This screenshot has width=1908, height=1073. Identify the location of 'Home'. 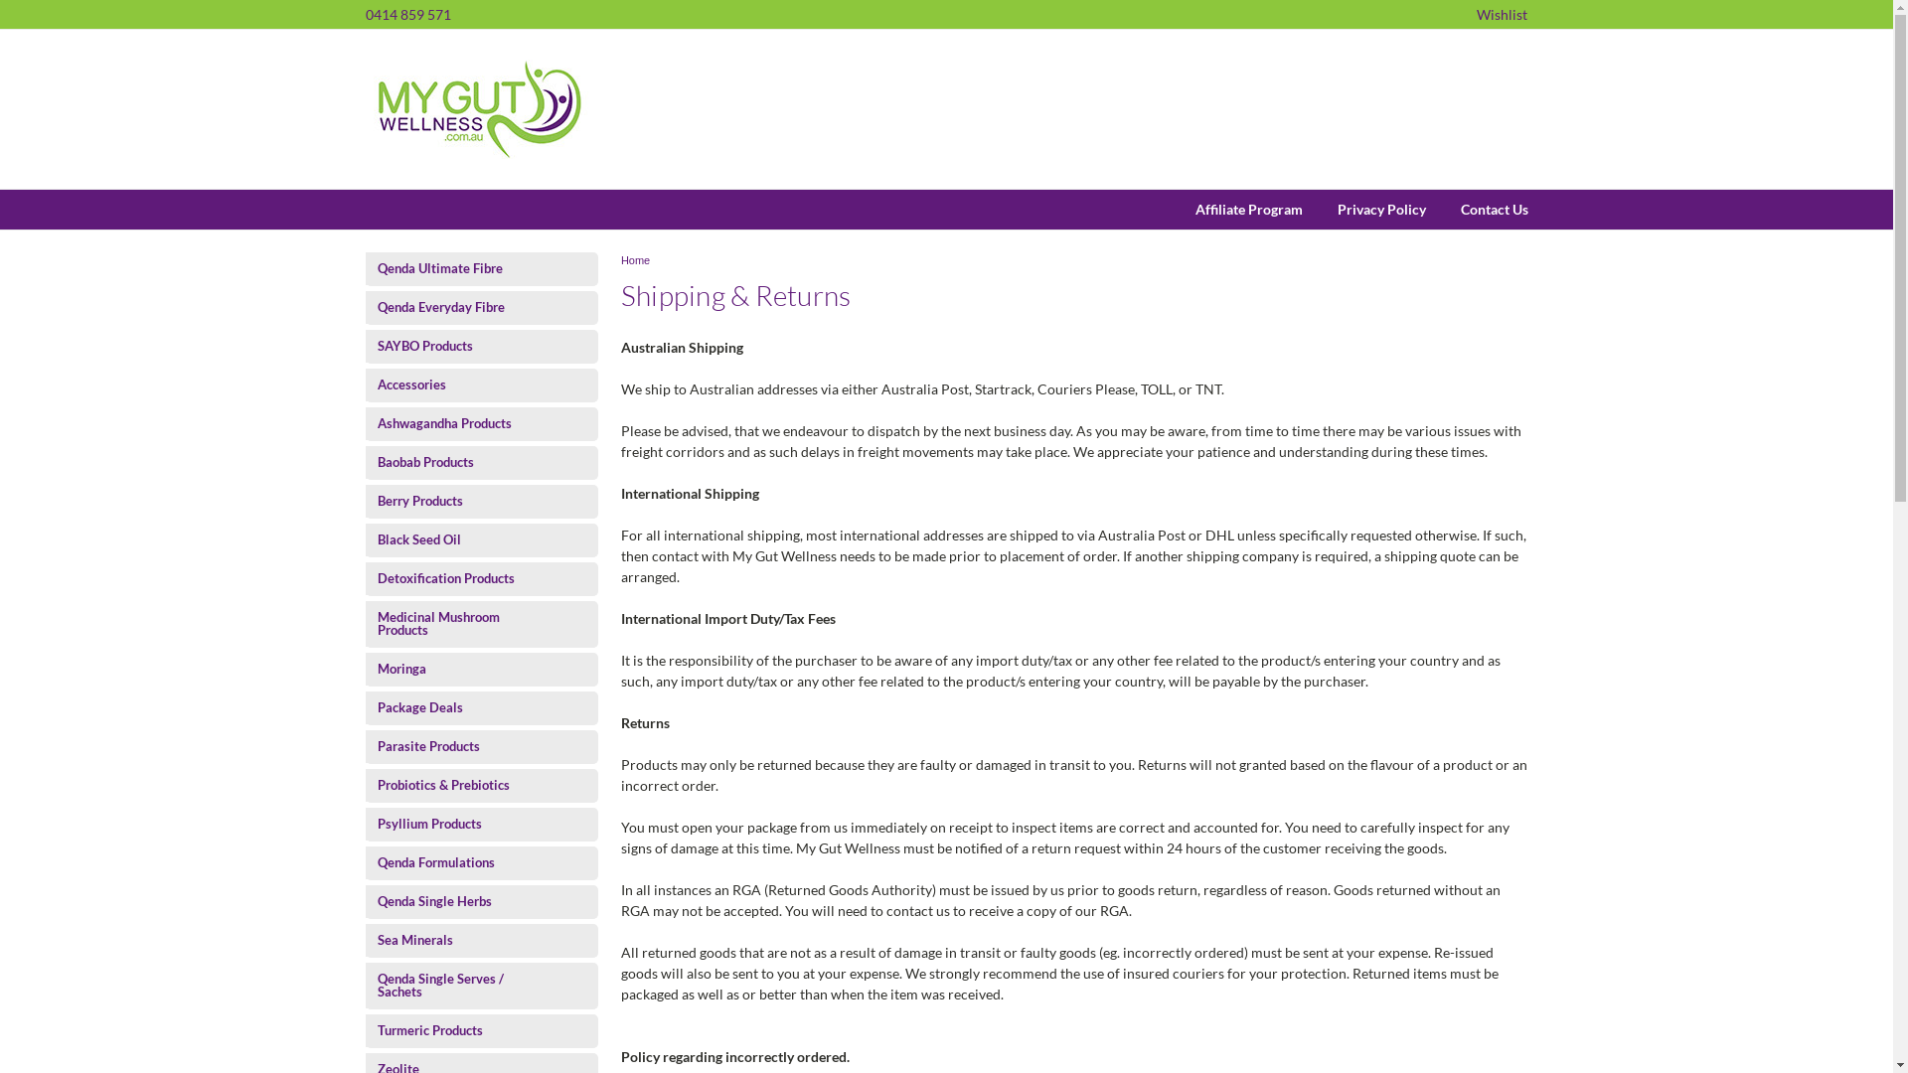
(634, 259).